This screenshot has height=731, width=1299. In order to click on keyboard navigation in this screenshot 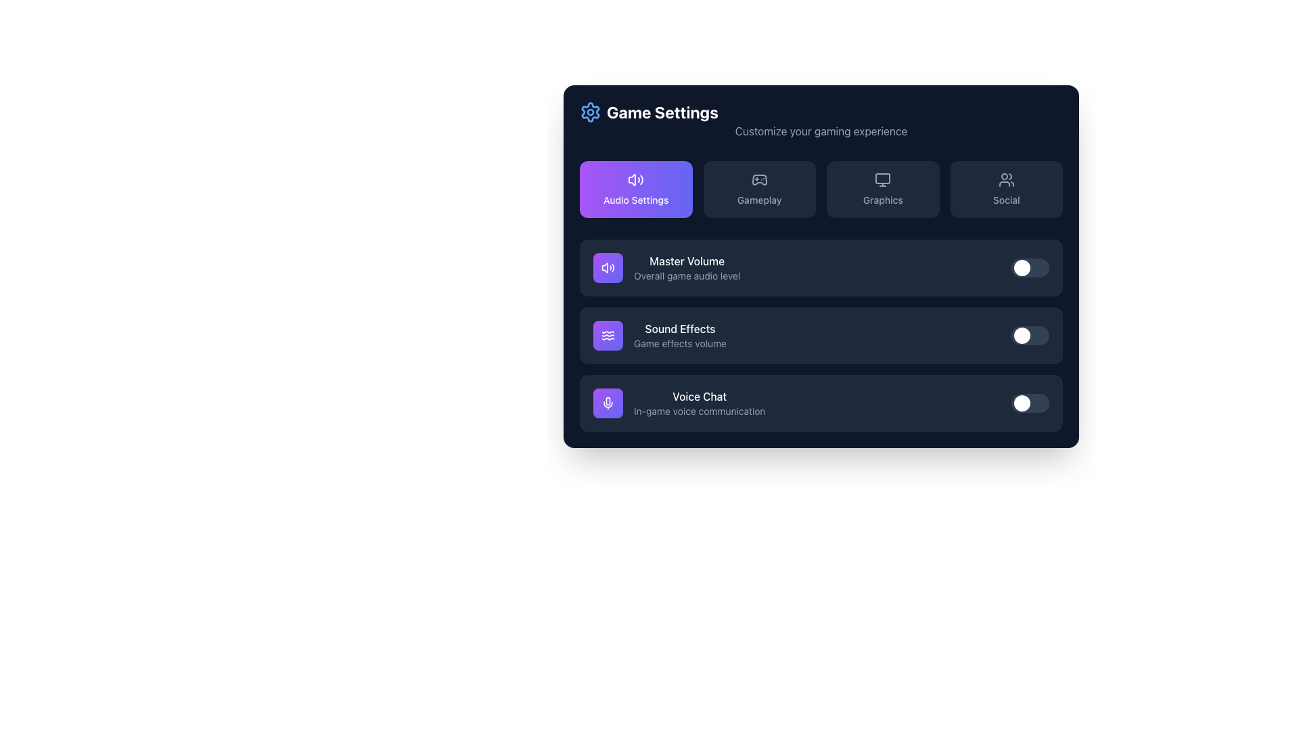, I will do `click(1029, 268)`.